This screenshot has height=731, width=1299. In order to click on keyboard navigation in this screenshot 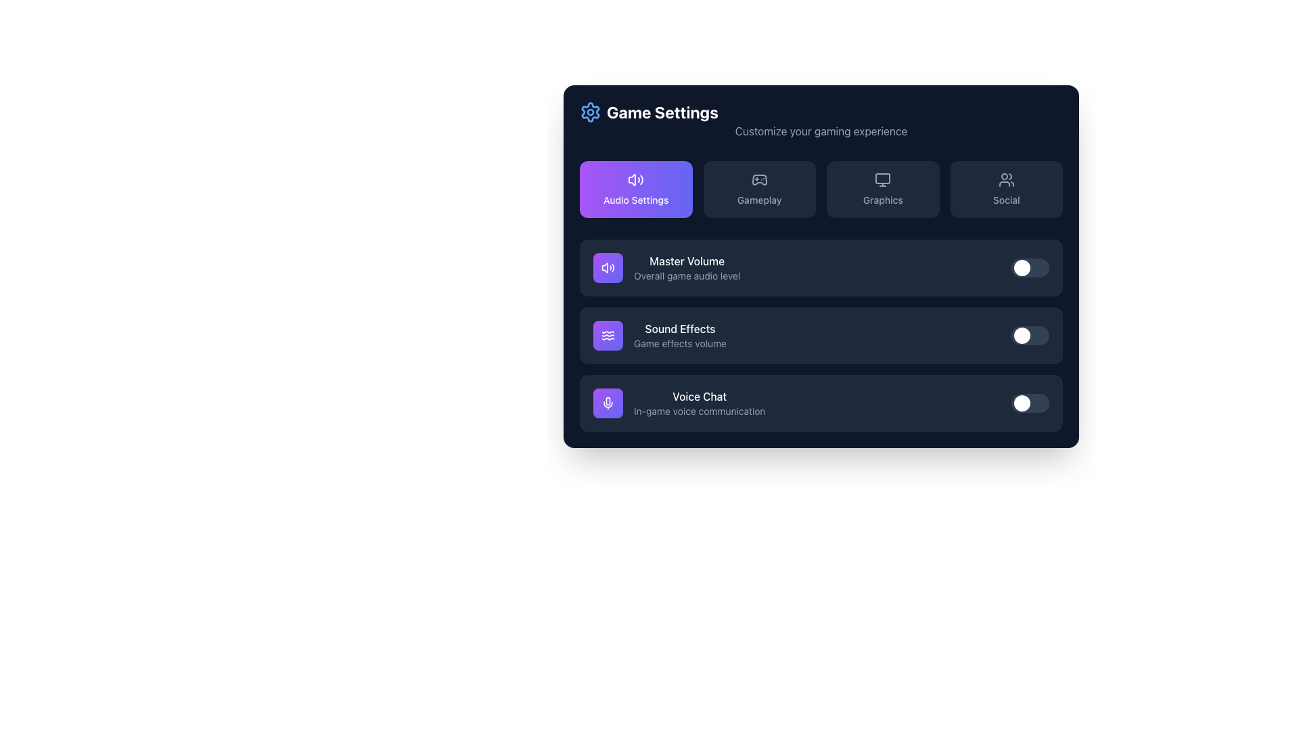, I will do `click(1029, 268)`.